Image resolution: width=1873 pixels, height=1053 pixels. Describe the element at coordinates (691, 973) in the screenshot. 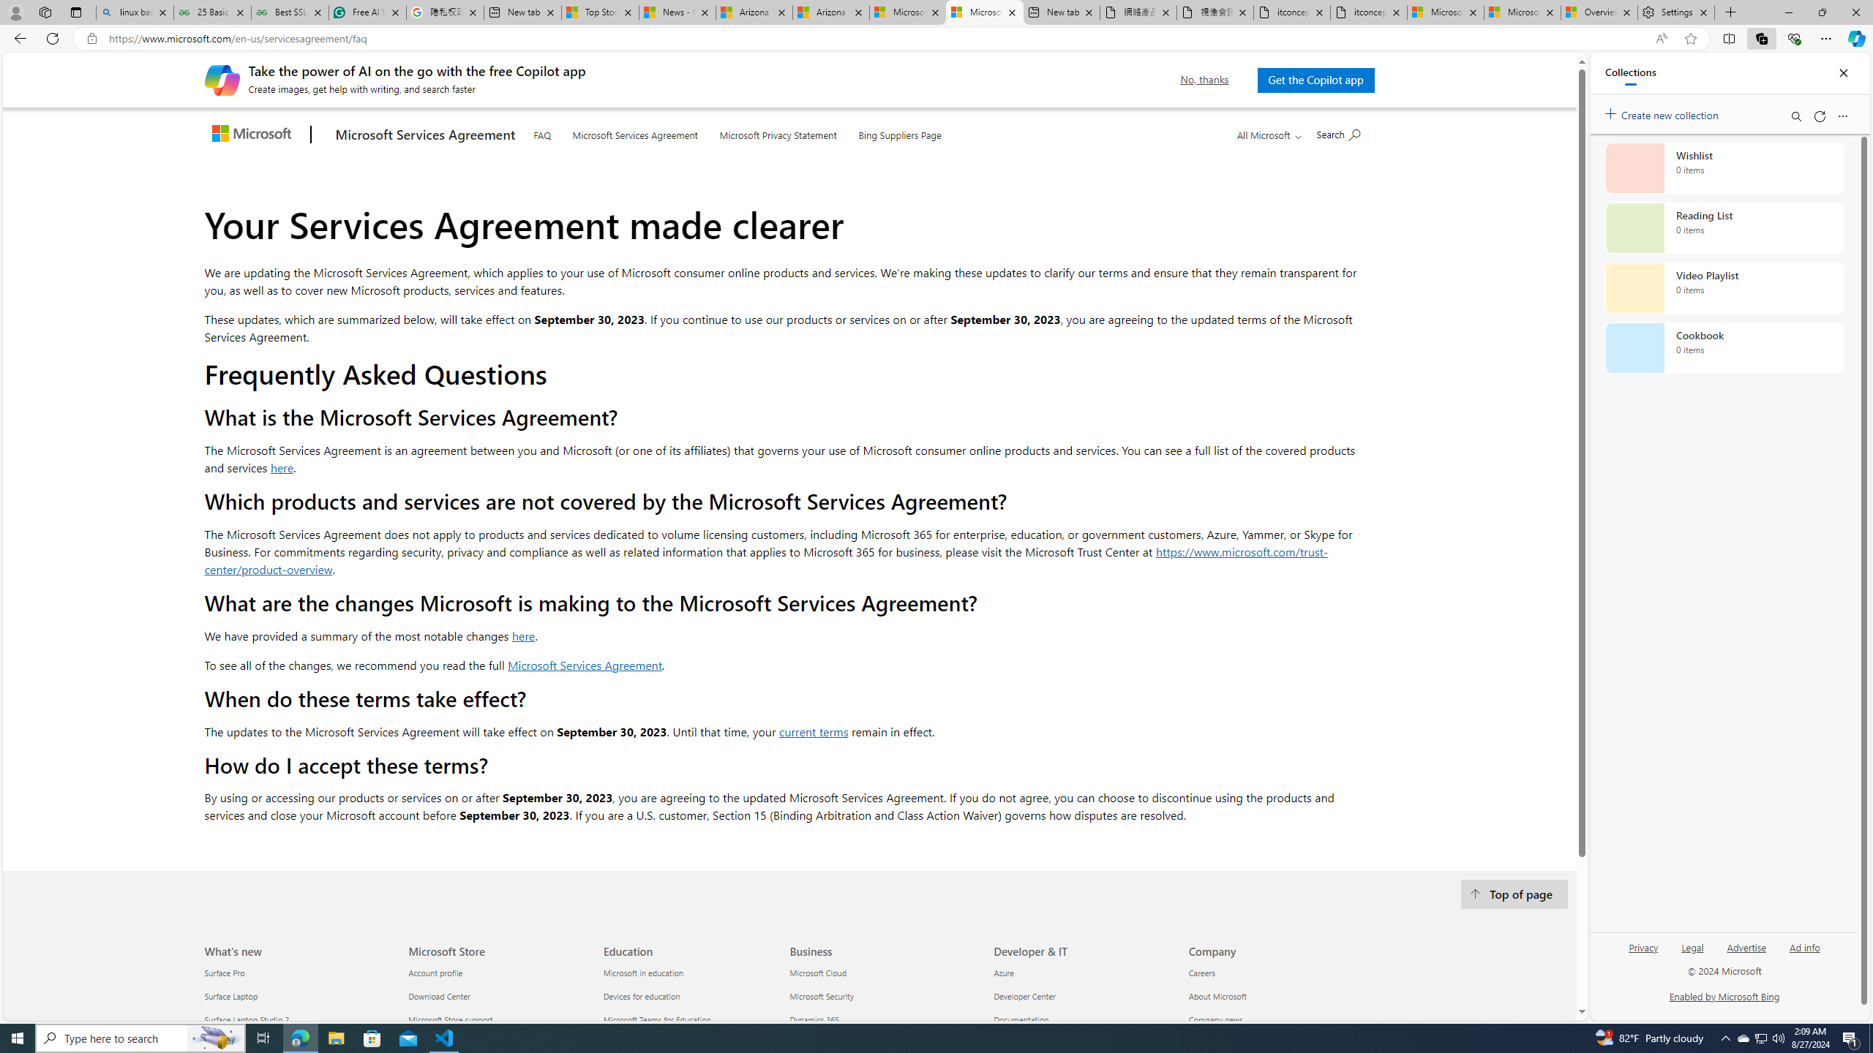

I see `'Microsoft in education'` at that location.